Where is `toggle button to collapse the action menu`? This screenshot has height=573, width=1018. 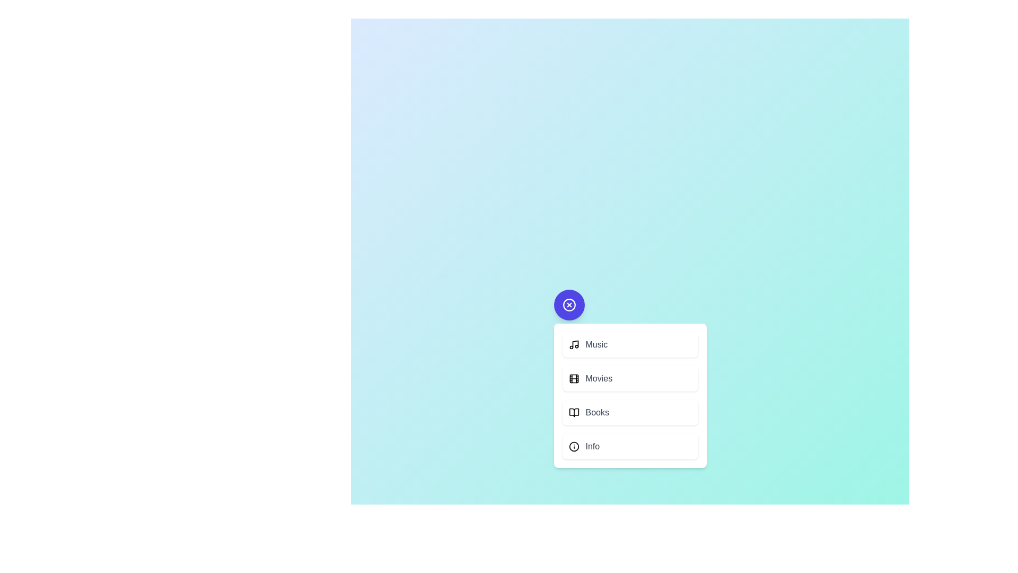
toggle button to collapse the action menu is located at coordinates (568, 305).